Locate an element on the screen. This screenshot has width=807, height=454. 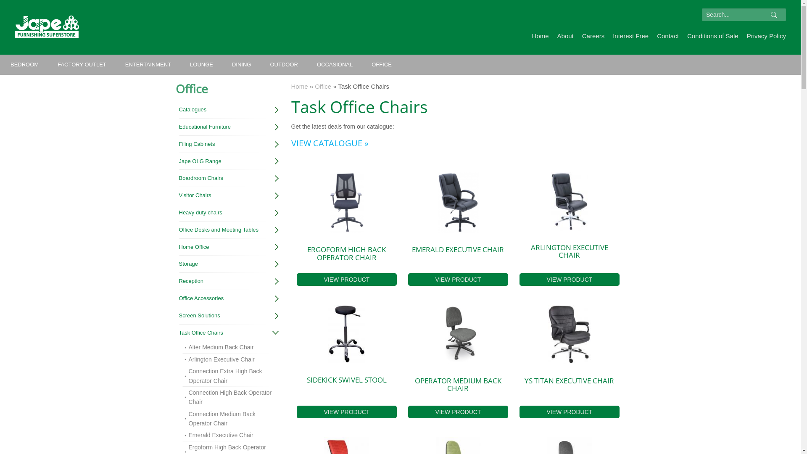
'Task Office Chairs' is located at coordinates (229, 333).